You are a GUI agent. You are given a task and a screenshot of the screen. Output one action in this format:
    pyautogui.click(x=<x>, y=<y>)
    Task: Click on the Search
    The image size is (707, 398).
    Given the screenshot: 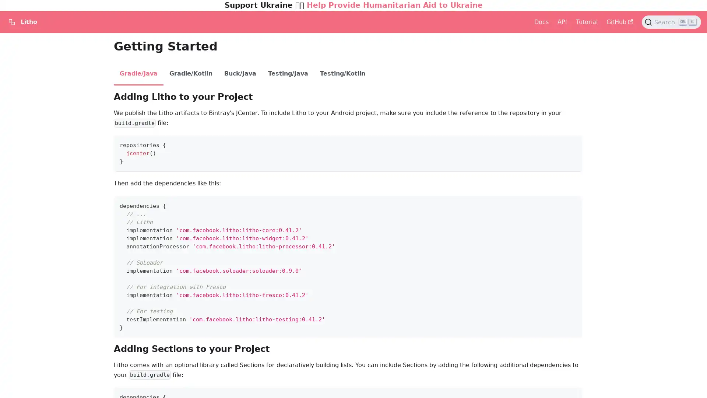 What is the action you would take?
    pyautogui.click(x=671, y=22)
    